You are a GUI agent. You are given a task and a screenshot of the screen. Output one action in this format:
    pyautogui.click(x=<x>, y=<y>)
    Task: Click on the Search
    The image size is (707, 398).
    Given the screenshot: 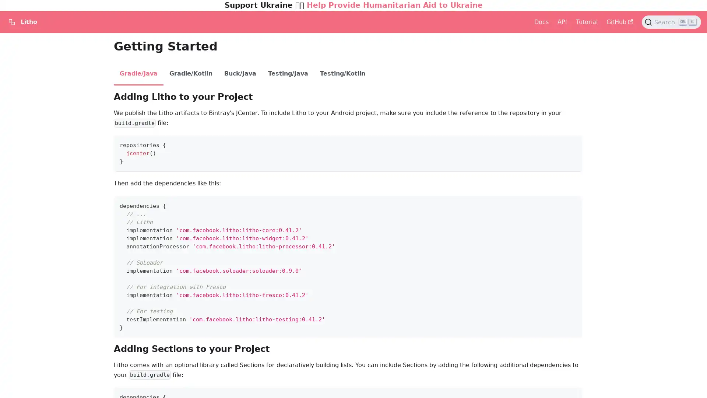 What is the action you would take?
    pyautogui.click(x=671, y=22)
    